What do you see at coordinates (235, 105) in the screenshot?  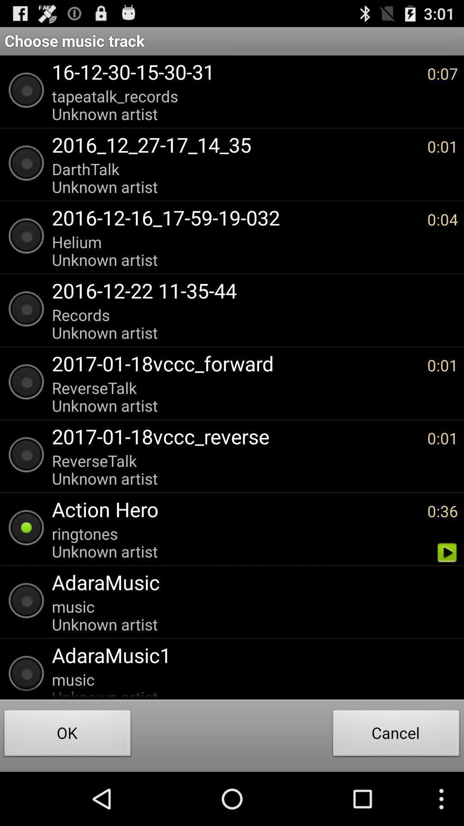 I see `tapeatalk_records` at bounding box center [235, 105].